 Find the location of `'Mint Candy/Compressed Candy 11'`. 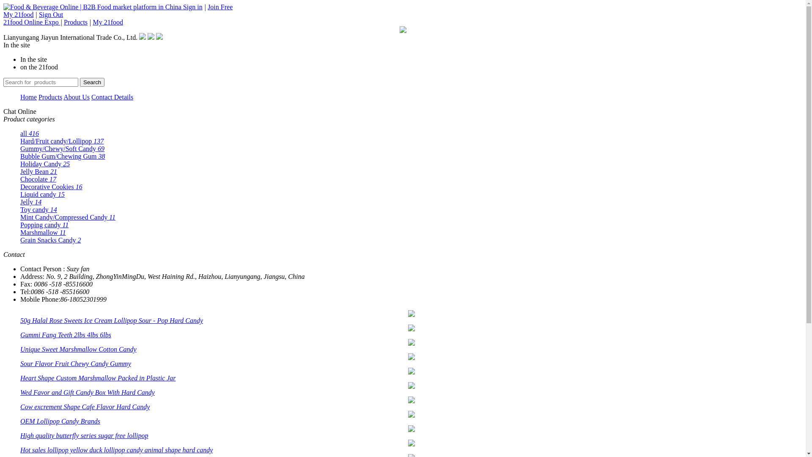

'Mint Candy/Compressed Candy 11' is located at coordinates (68, 217).